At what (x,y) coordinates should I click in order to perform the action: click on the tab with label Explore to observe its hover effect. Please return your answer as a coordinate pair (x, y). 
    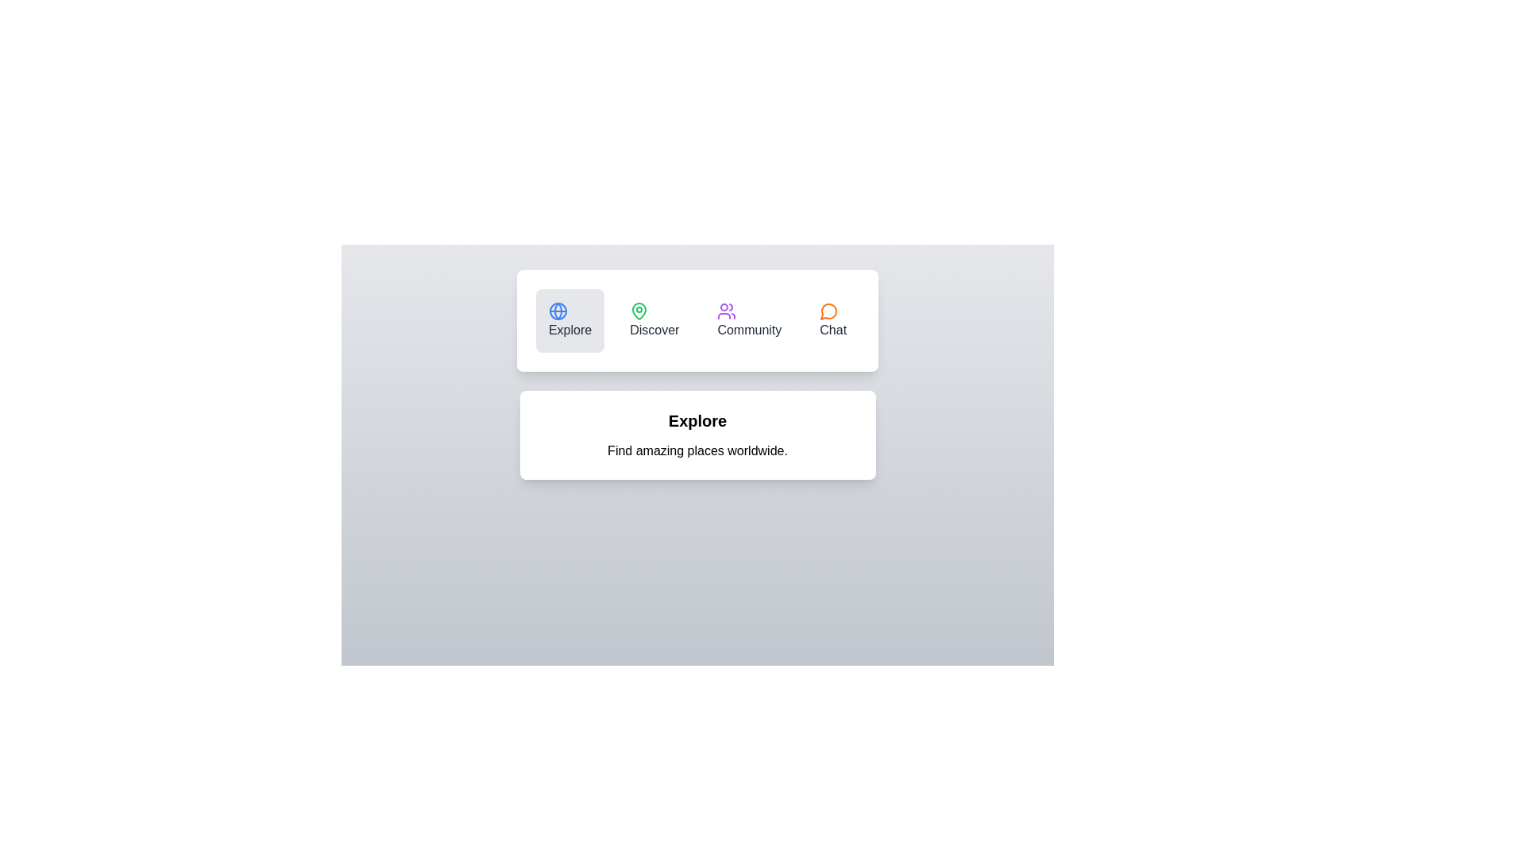
    Looking at the image, I should click on (570, 321).